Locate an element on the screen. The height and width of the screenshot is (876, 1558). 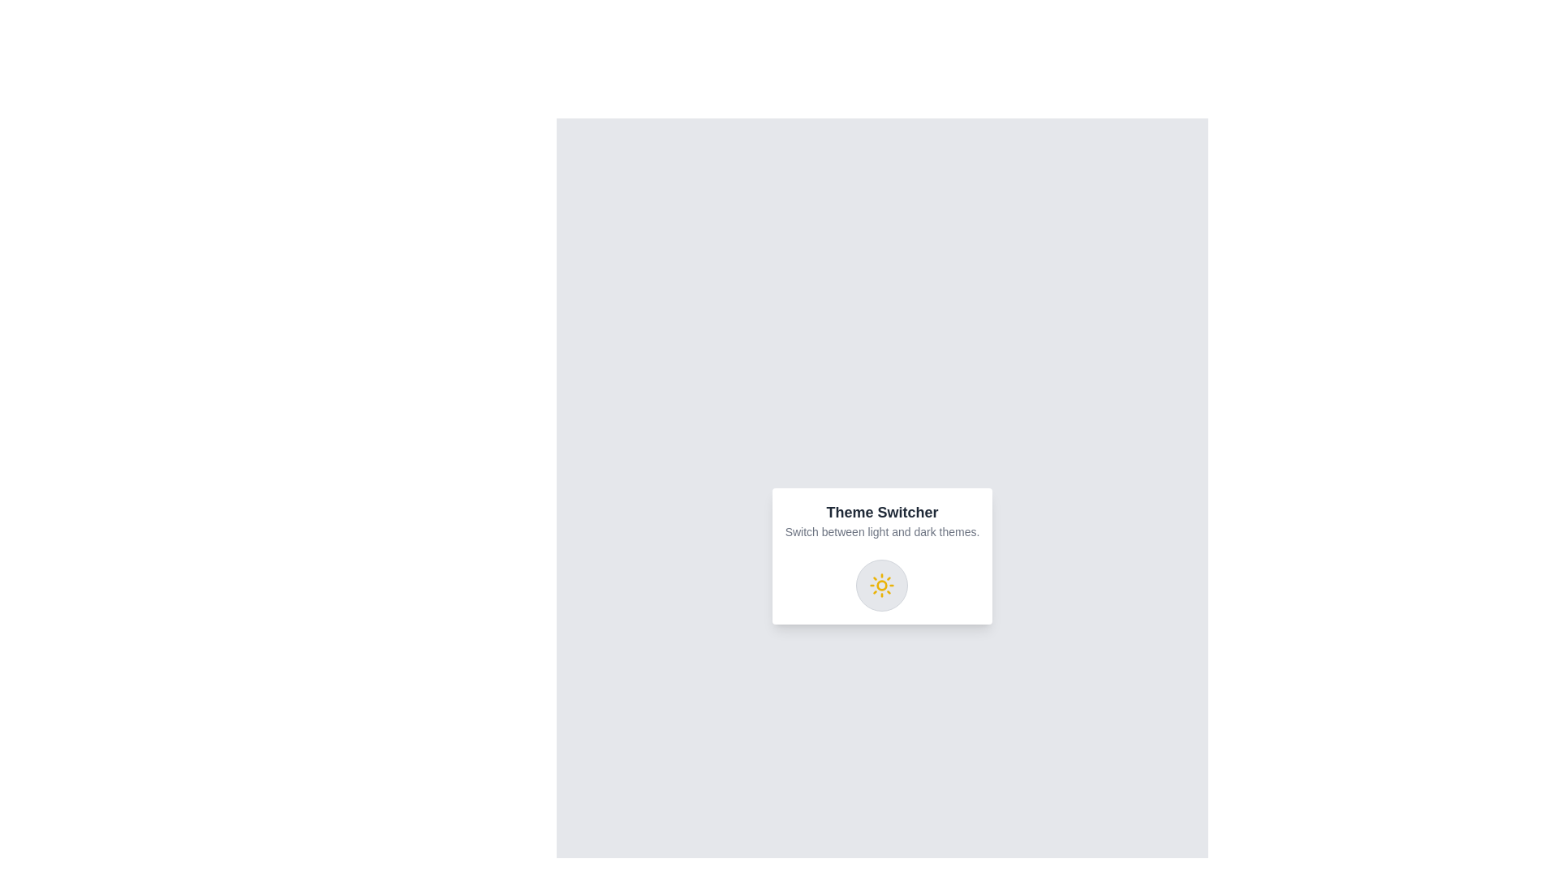
the central circular element of the sun-shaped icon that symbolizes the light mode indicator, located below the text 'Switch between light and dark themes.' is located at coordinates (881, 585).